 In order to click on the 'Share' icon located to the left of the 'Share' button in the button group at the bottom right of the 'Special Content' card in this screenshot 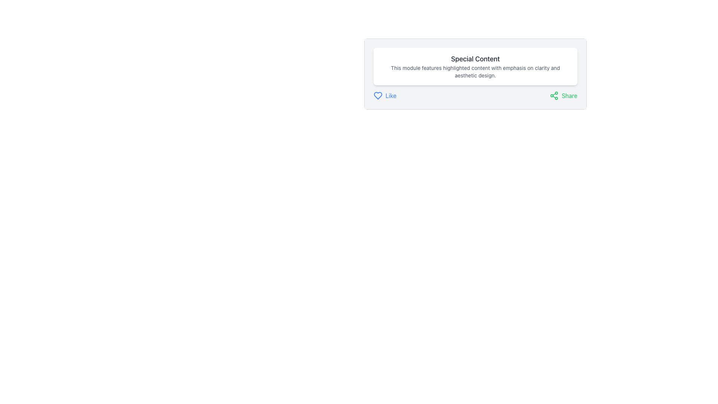, I will do `click(554, 95)`.